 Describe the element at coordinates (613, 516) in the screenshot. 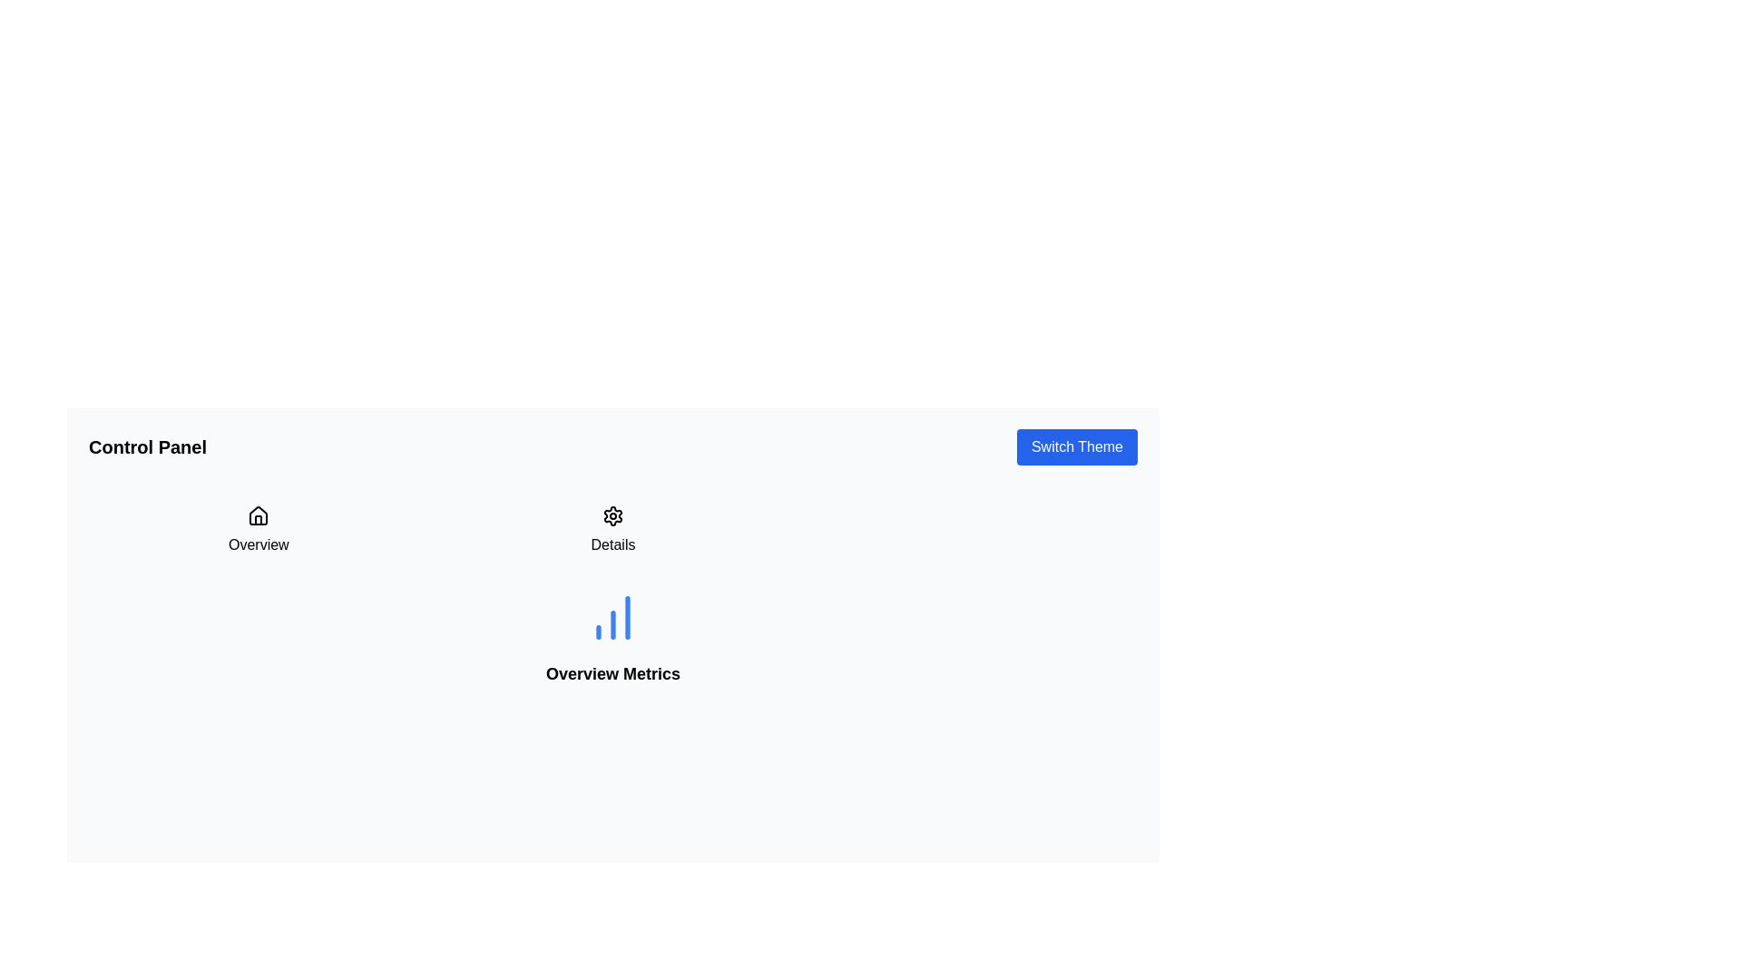

I see `the settings icon, which is a gear-shaped icon with a clear outline, positioned centrally above the 'Details' label on the control panel` at that location.